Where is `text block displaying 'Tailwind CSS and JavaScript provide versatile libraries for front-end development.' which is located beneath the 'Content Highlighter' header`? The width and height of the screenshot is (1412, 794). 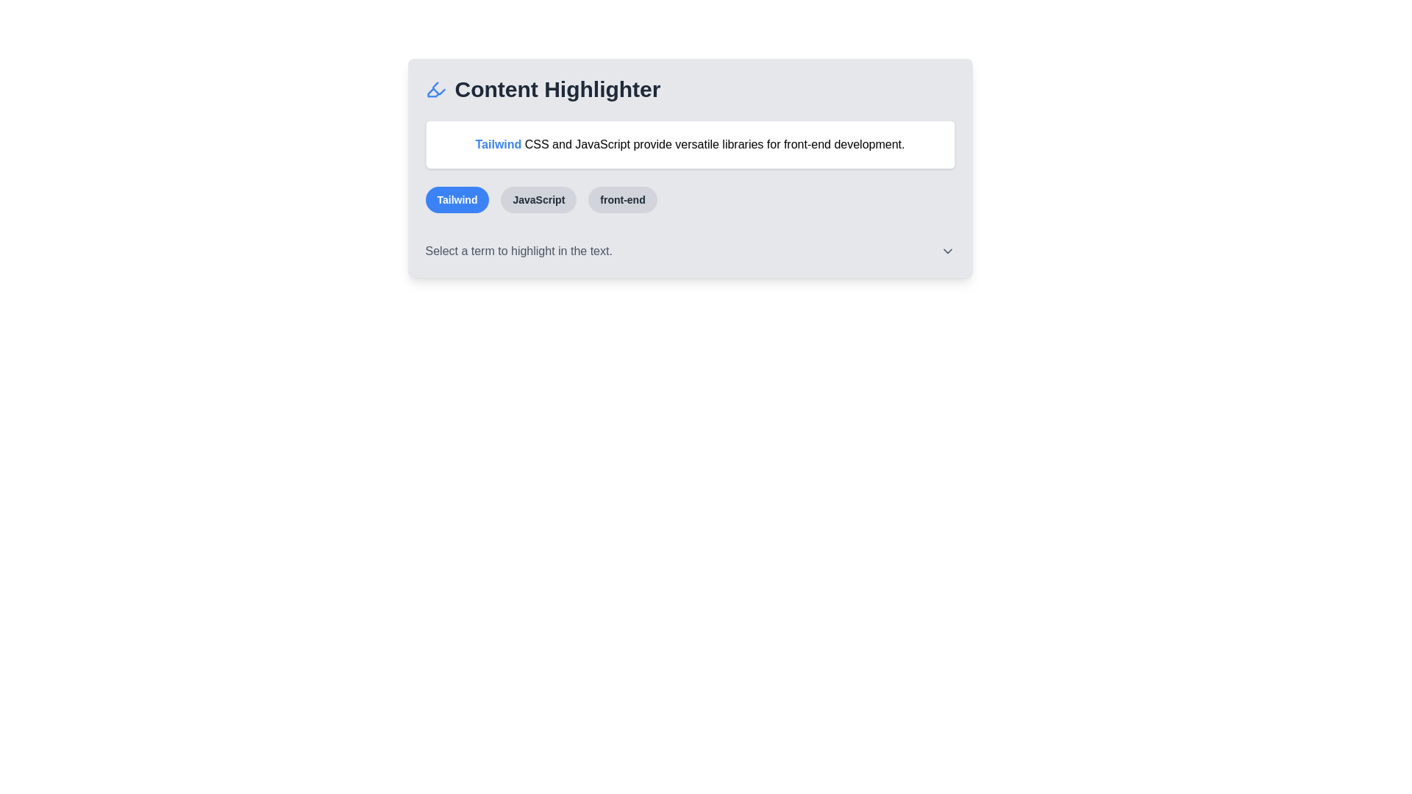
text block displaying 'Tailwind CSS and JavaScript provide versatile libraries for front-end development.' which is located beneath the 'Content Highlighter' header is located at coordinates (689, 144).